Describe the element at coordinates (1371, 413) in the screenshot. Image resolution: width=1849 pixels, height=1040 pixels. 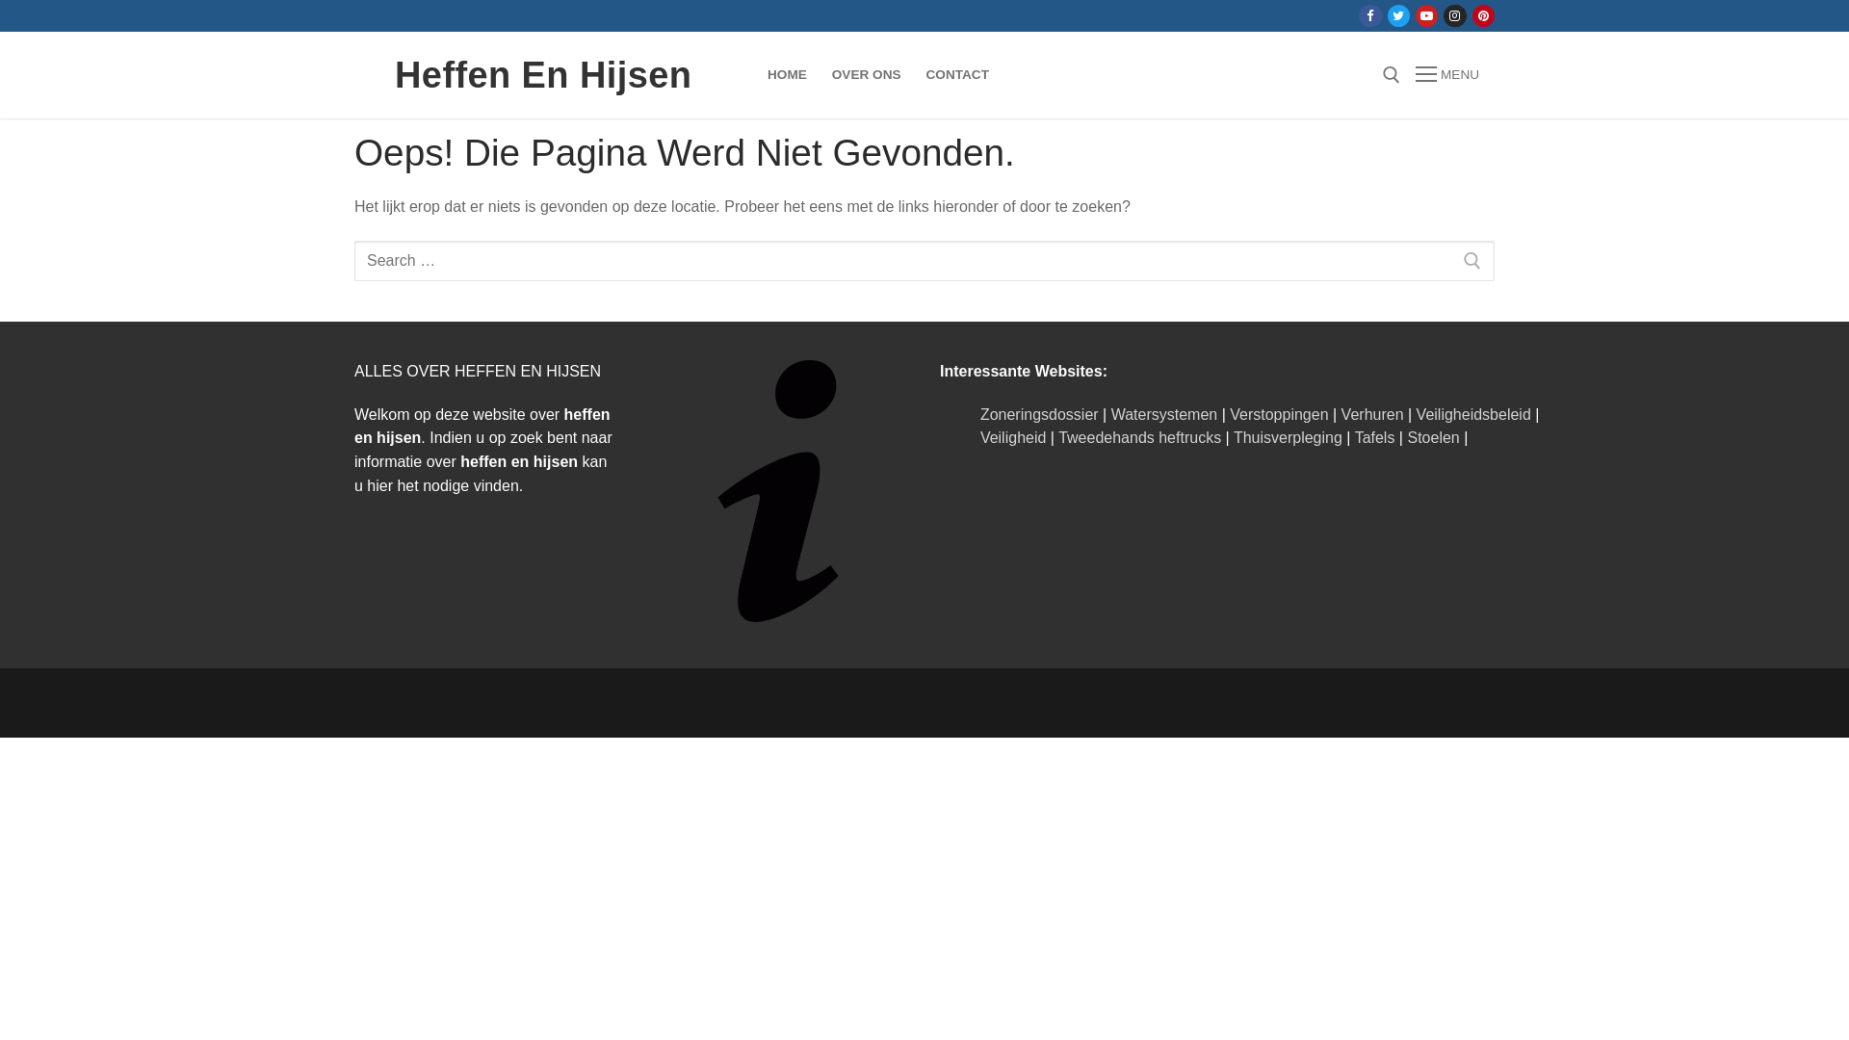
I see `'Verhuren'` at that location.